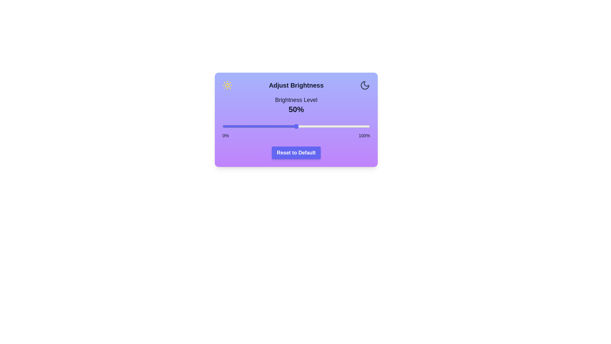 Image resolution: width=611 pixels, height=344 pixels. Describe the element at coordinates (267, 126) in the screenshot. I see `the brightness slider to 30%` at that location.